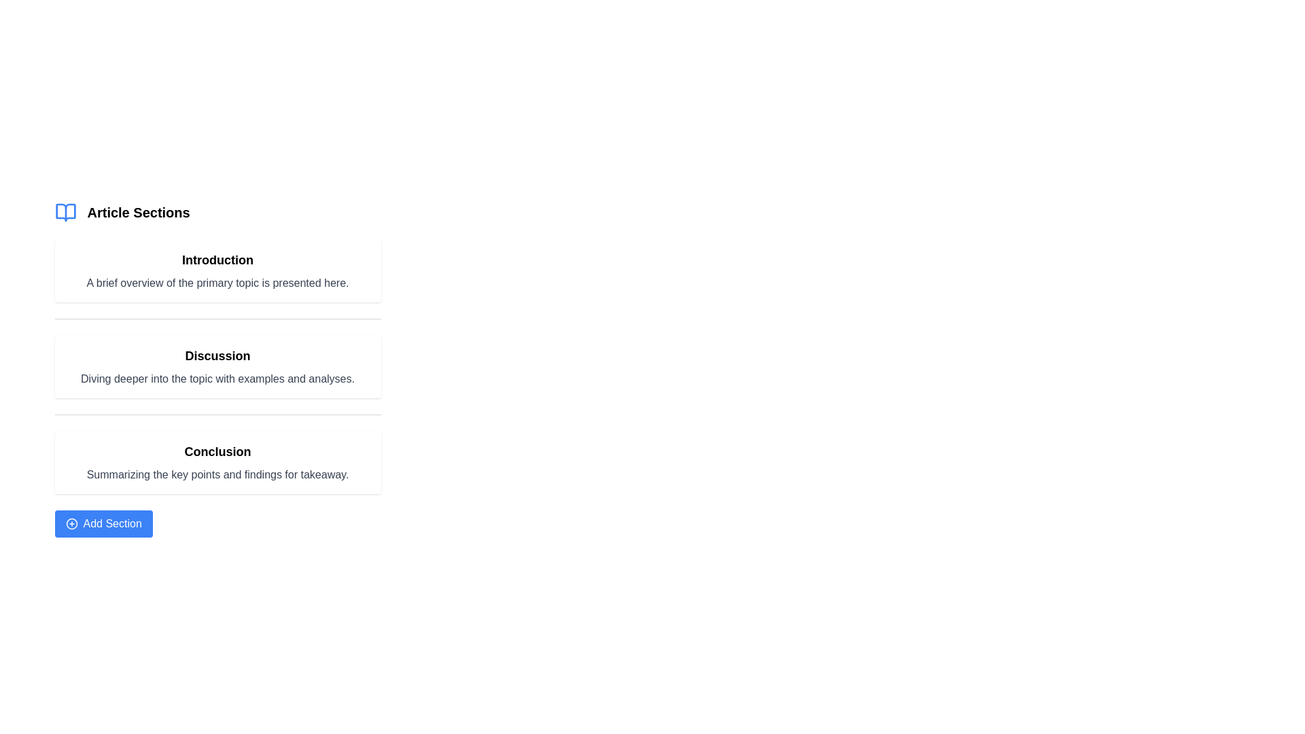  Describe the element at coordinates (217, 379) in the screenshot. I see `detailed explanation text located directly beneath the 'Discussion' title, which is in a rounded box with a shadow effect` at that location.